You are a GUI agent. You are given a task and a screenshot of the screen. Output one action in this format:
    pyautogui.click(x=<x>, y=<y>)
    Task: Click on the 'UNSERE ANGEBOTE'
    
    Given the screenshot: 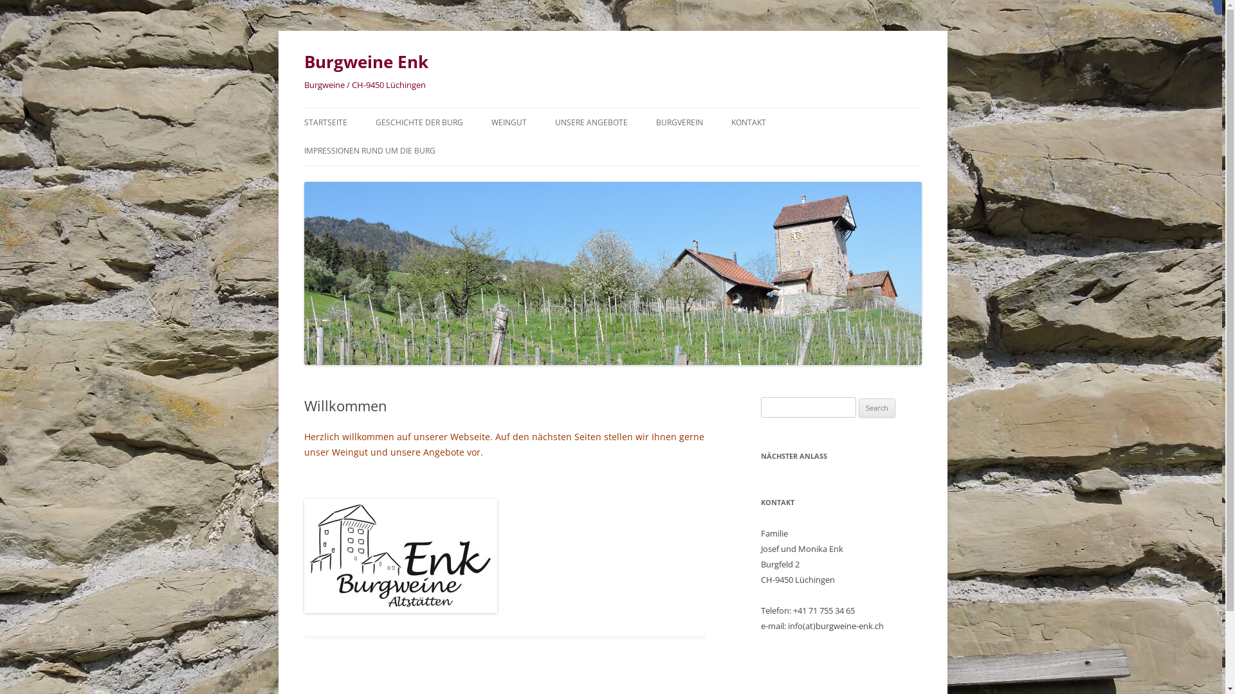 What is the action you would take?
    pyautogui.click(x=590, y=123)
    